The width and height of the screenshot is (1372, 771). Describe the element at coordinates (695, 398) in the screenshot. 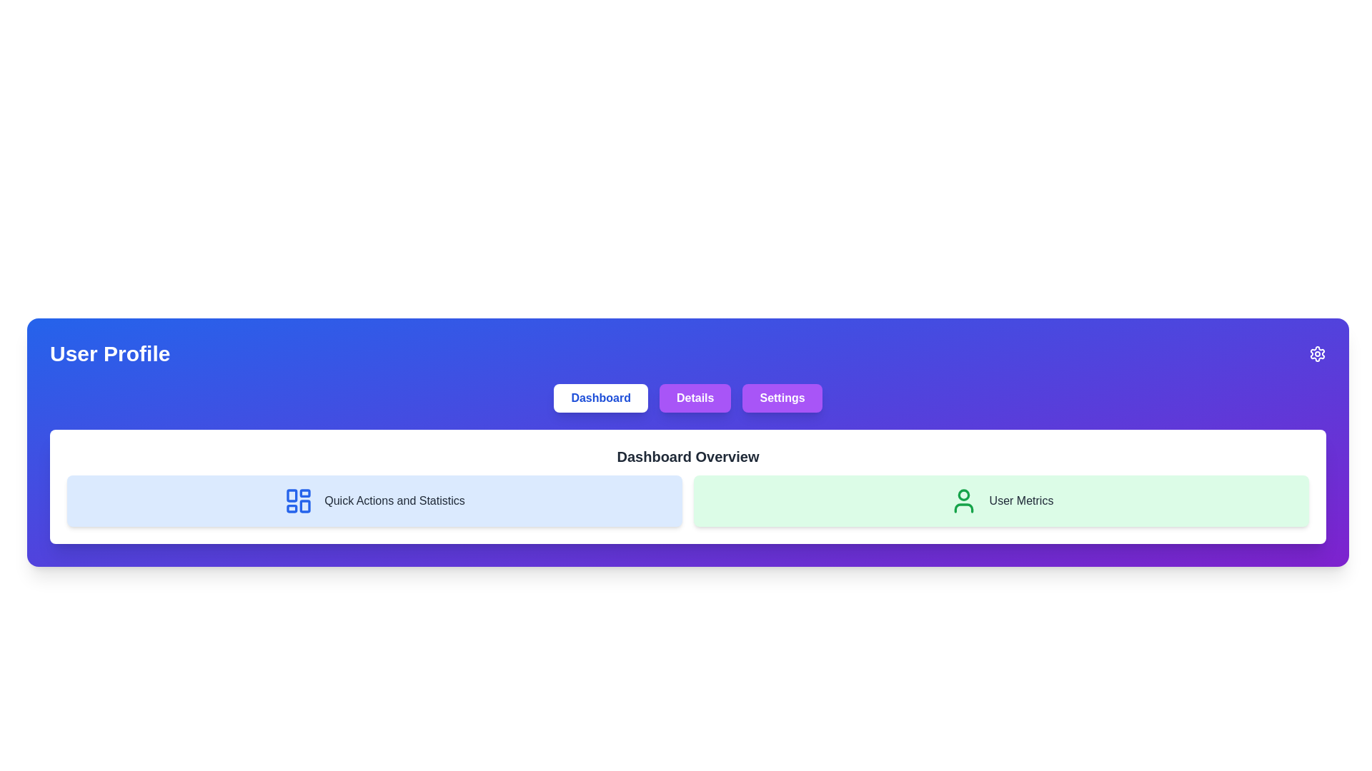

I see `the 'Details' button with a purple background` at that location.